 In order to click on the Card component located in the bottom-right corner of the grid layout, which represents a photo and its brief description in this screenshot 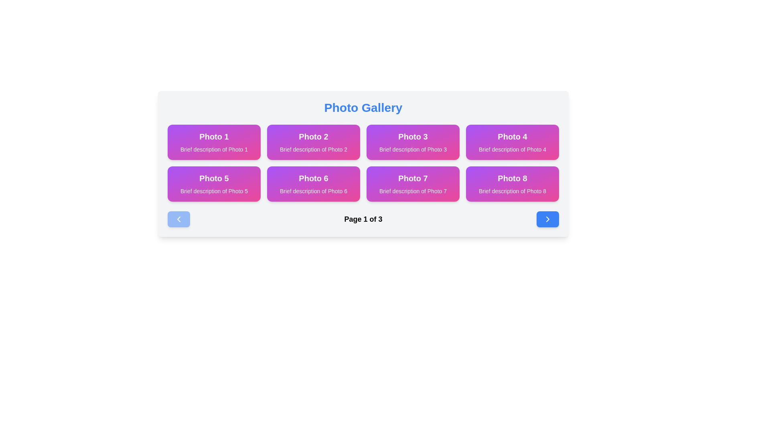, I will do `click(512, 184)`.